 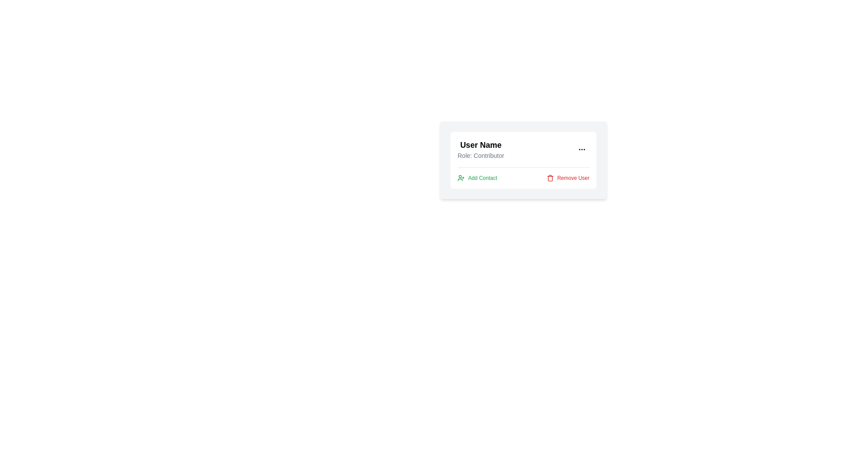 What do you see at coordinates (582, 149) in the screenshot?
I see `the ellipsis button located at the top-right corner of the interface, next to the 'User Name' and 'Role: Contributor' text` at bounding box center [582, 149].